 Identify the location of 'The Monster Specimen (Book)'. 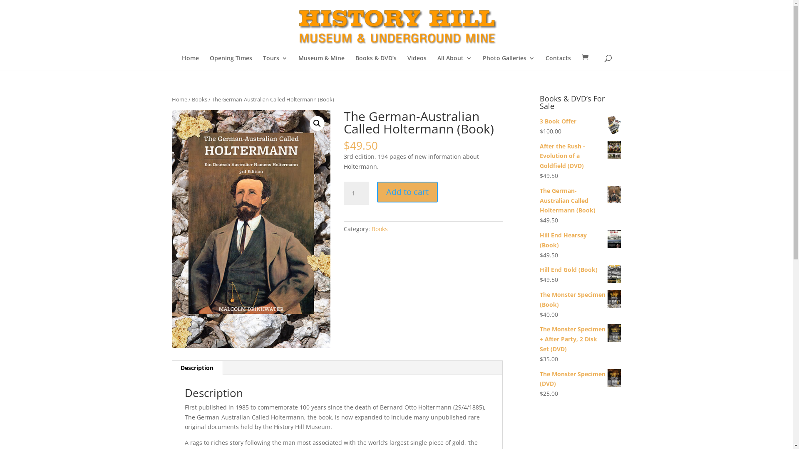
(580, 300).